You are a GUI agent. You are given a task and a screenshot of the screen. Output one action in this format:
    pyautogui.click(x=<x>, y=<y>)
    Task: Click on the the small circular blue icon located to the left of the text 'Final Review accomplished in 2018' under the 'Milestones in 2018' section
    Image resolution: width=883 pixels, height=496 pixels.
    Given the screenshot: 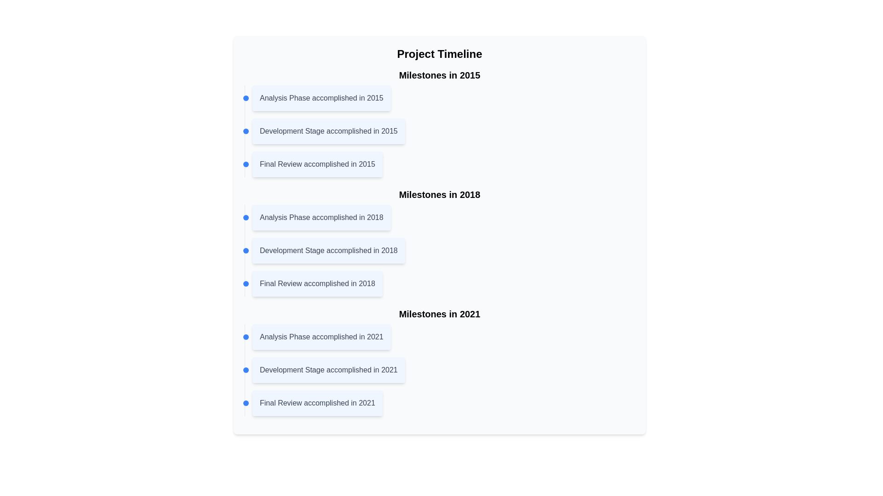 What is the action you would take?
    pyautogui.click(x=246, y=283)
    